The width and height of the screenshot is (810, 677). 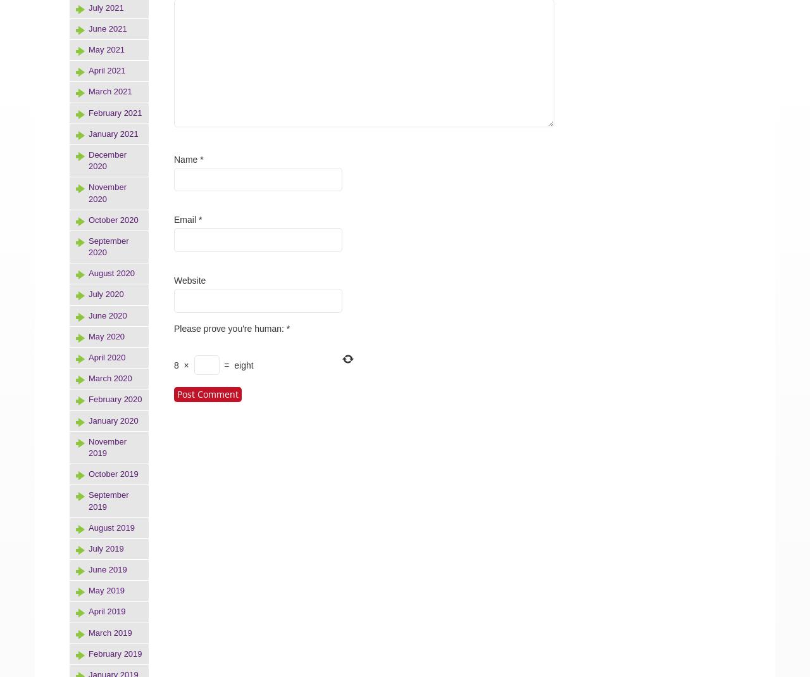 I want to click on 'June 2021', so click(x=107, y=27).